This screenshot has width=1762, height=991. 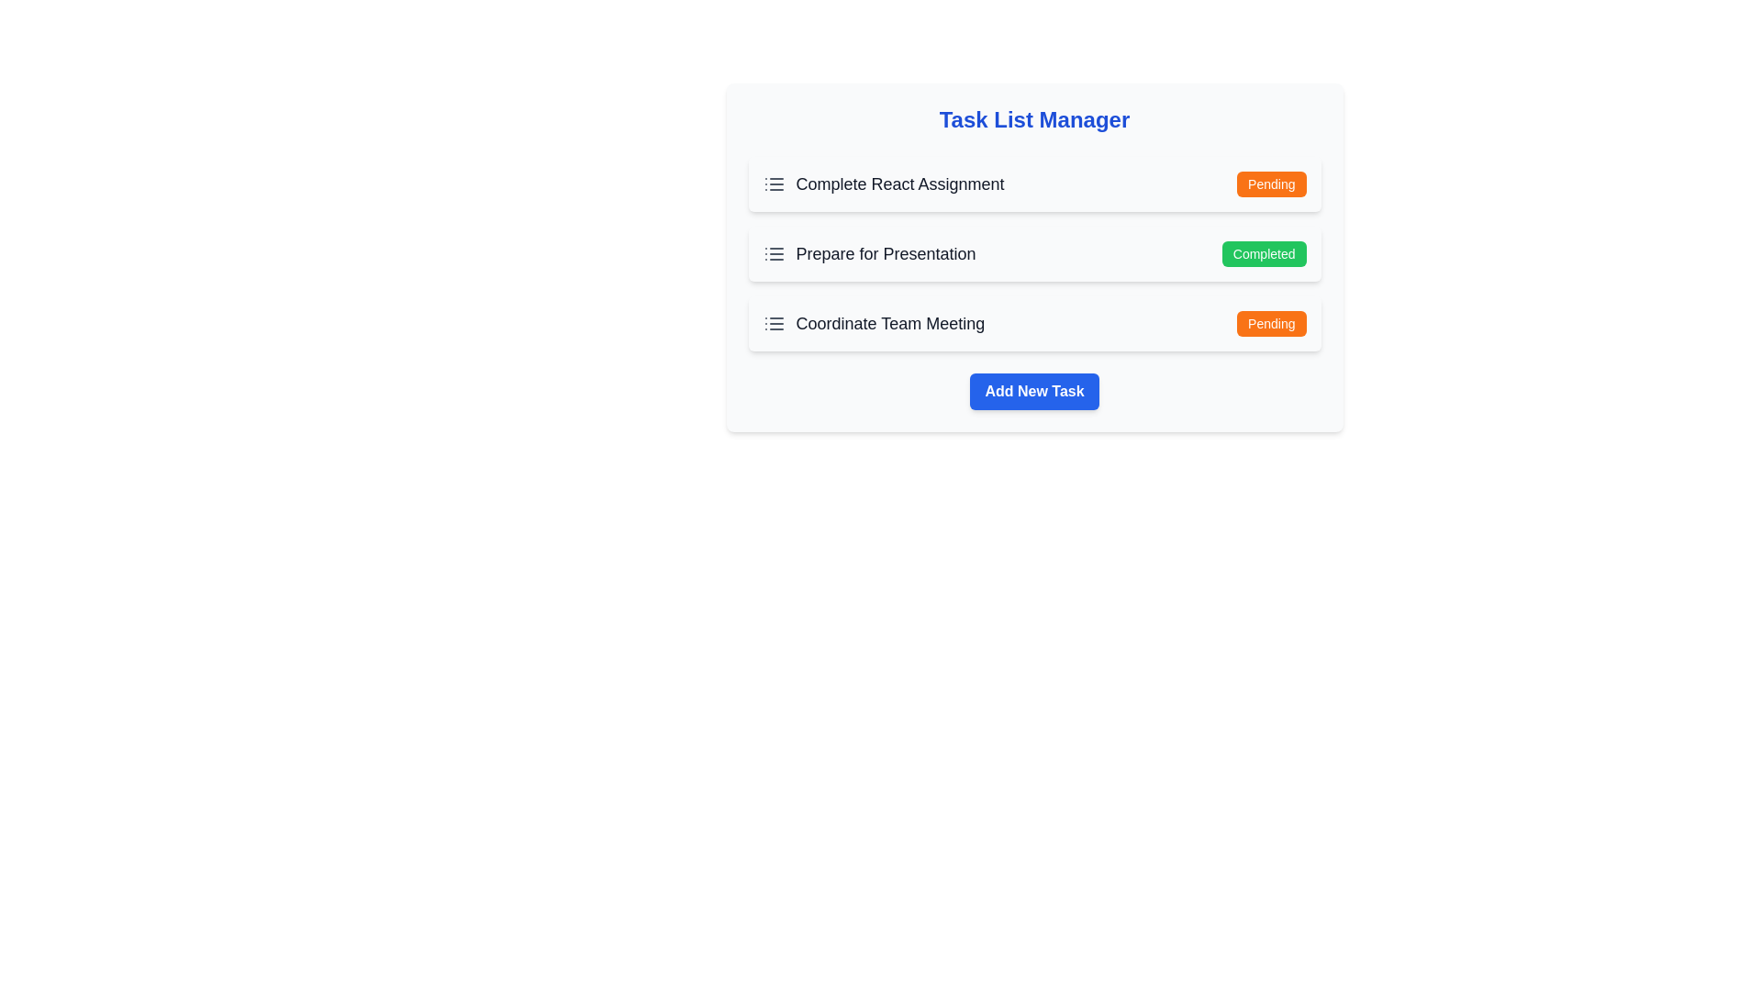 I want to click on the task item Complete React Assignment to observe any visual changes or tooltips, so click(x=884, y=184).